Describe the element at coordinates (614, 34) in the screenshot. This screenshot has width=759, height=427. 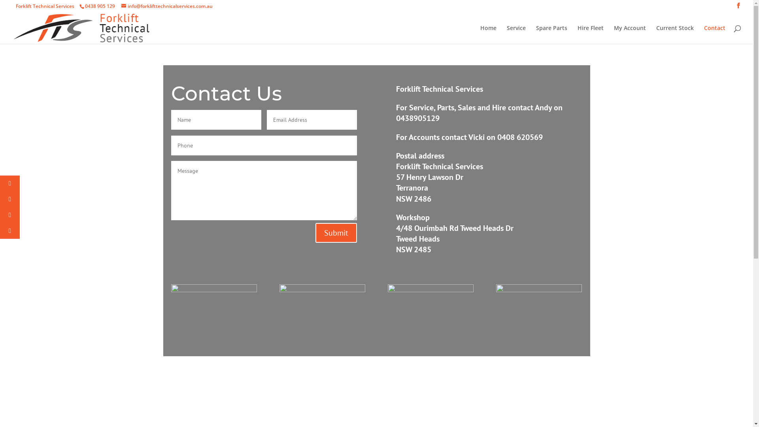
I see `'My Account'` at that location.